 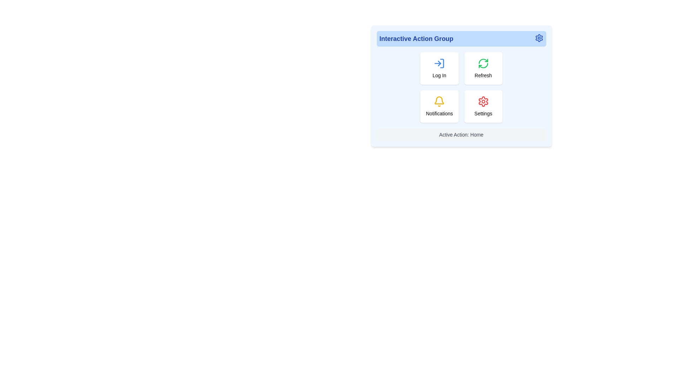 What do you see at coordinates (483, 106) in the screenshot?
I see `the 'Settings' button with a cogwheel icon in red, located at the lower-right corner of the interactive action group` at bounding box center [483, 106].